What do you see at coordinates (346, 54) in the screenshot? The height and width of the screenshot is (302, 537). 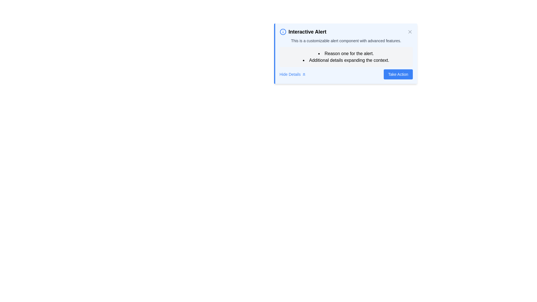 I see `first item in the bulleted list of the alert dialog titled 'Interactive Alert' to understand its content` at bounding box center [346, 54].